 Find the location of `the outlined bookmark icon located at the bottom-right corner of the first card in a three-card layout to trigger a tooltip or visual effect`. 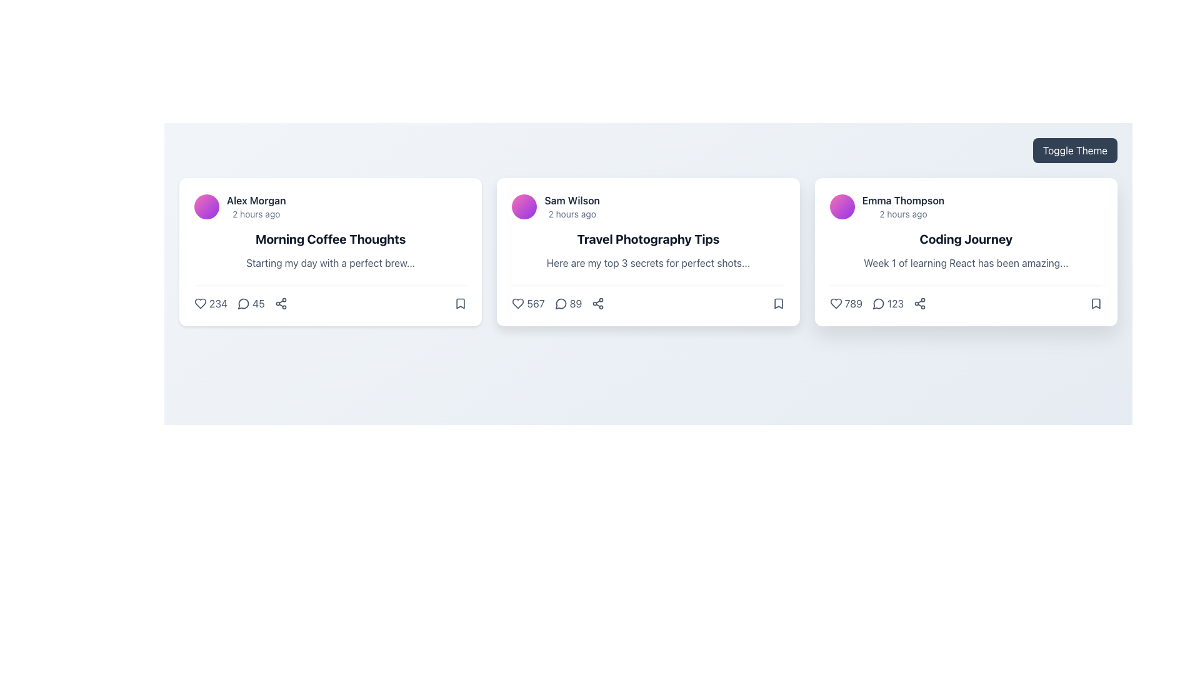

the outlined bookmark icon located at the bottom-right corner of the first card in a three-card layout to trigger a tooltip or visual effect is located at coordinates (460, 304).